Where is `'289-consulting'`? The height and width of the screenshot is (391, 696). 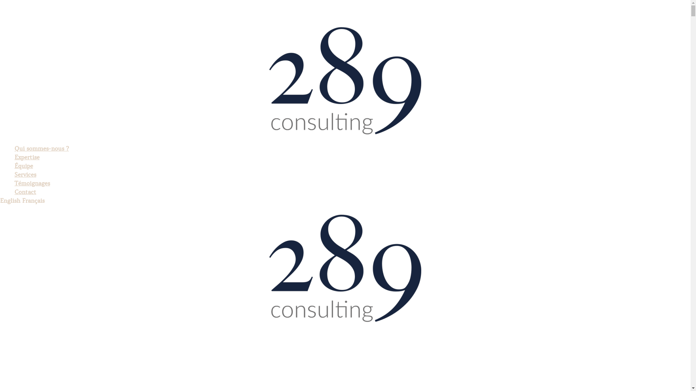 '289-consulting' is located at coordinates (345, 81).